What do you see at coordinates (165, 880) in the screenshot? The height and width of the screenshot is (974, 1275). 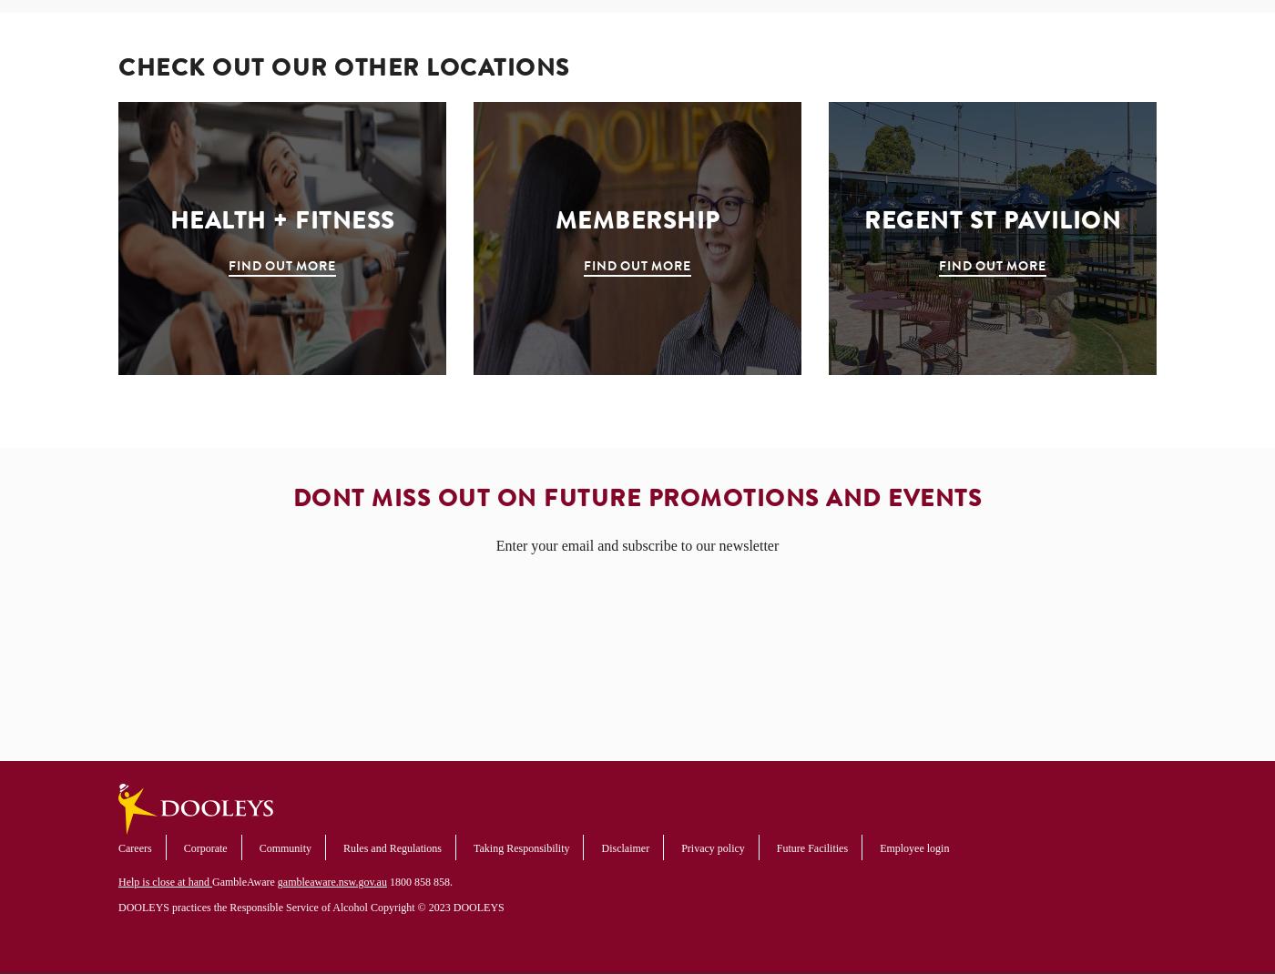 I see `'Help is close at hand'` at bounding box center [165, 880].